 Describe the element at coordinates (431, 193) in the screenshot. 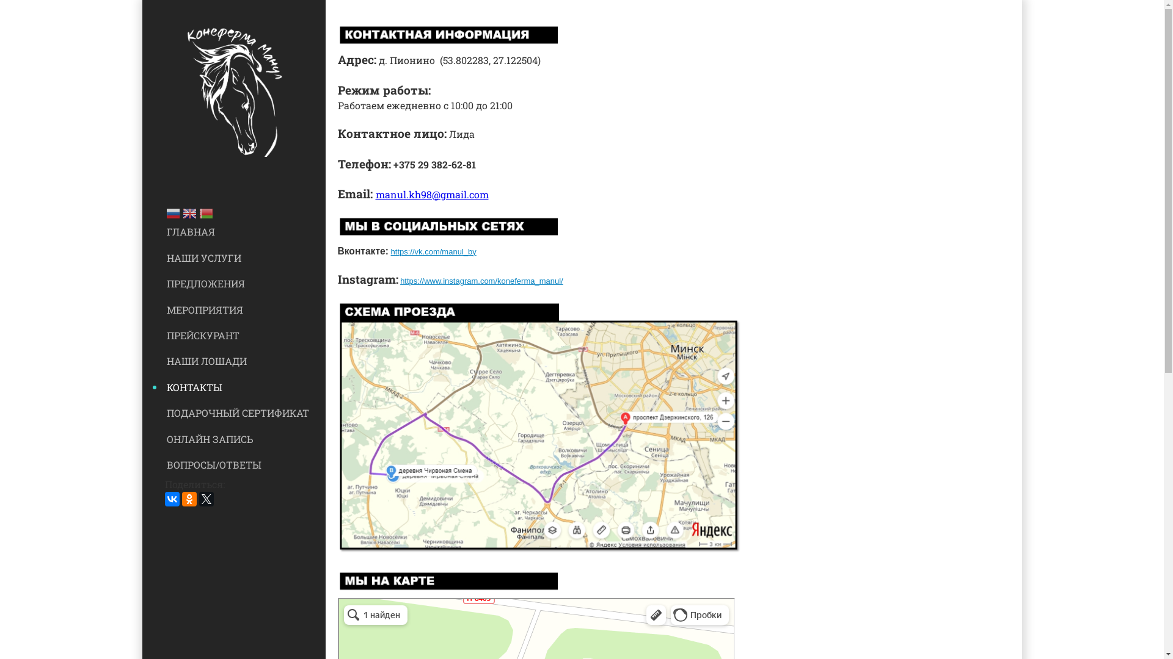

I see `'manul.kh98@gmail.com'` at that location.